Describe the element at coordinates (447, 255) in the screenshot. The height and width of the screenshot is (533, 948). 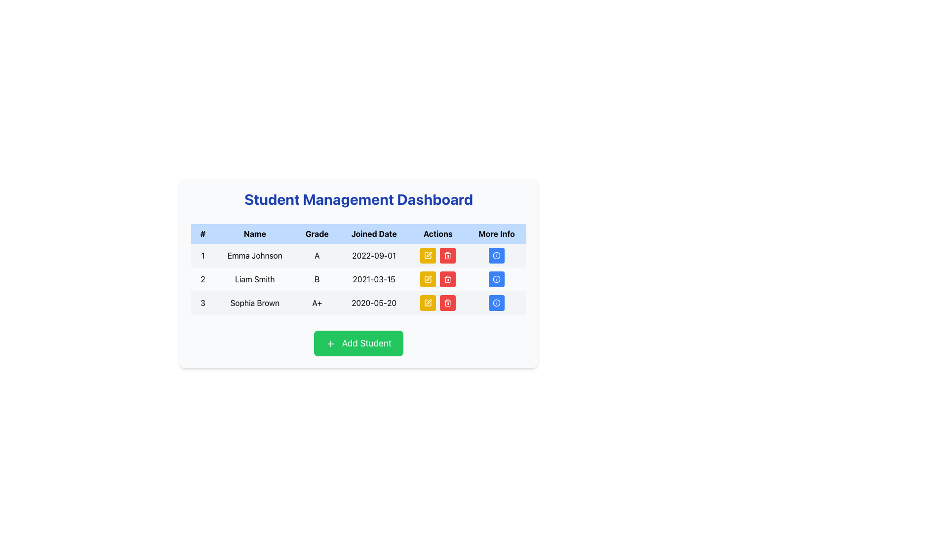
I see `the red trash icon inside the 'Actions' column of the third row in the student management table` at that location.